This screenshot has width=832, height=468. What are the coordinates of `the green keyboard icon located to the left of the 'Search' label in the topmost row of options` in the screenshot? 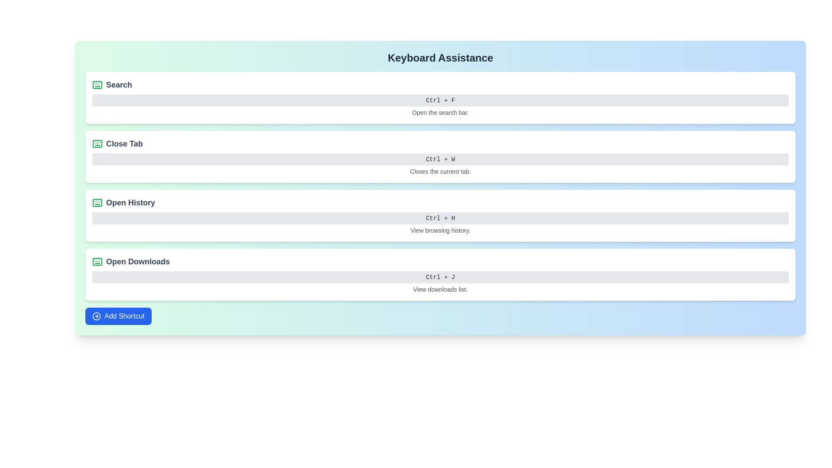 It's located at (97, 85).